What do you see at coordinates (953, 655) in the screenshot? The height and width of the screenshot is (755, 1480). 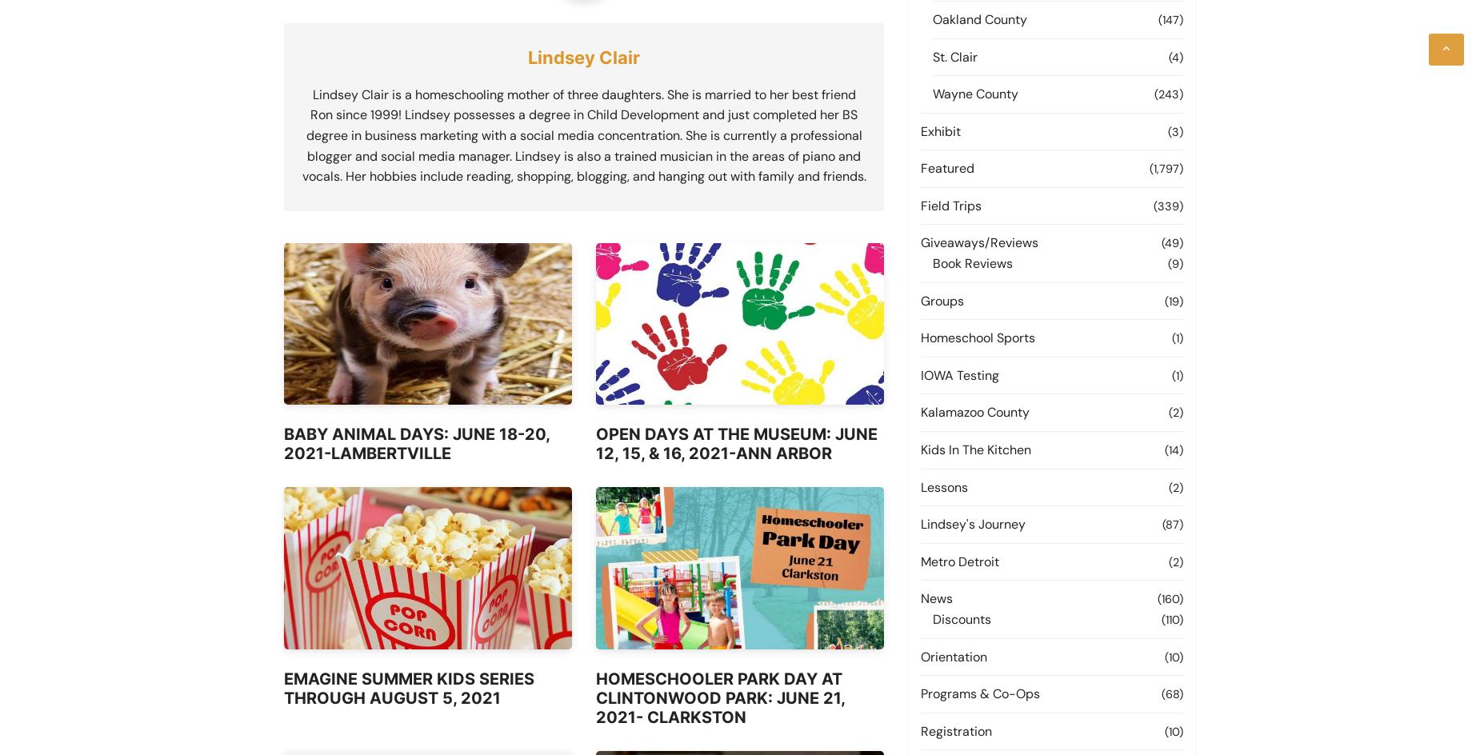 I see `'Orientation'` at bounding box center [953, 655].